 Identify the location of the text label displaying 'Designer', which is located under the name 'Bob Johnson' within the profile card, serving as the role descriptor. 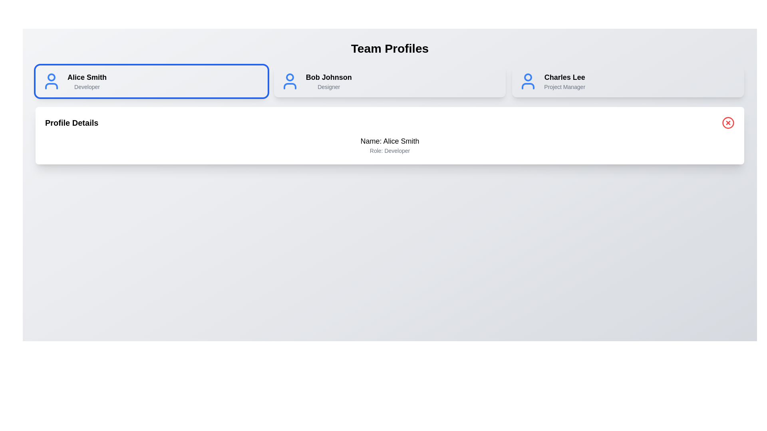
(329, 87).